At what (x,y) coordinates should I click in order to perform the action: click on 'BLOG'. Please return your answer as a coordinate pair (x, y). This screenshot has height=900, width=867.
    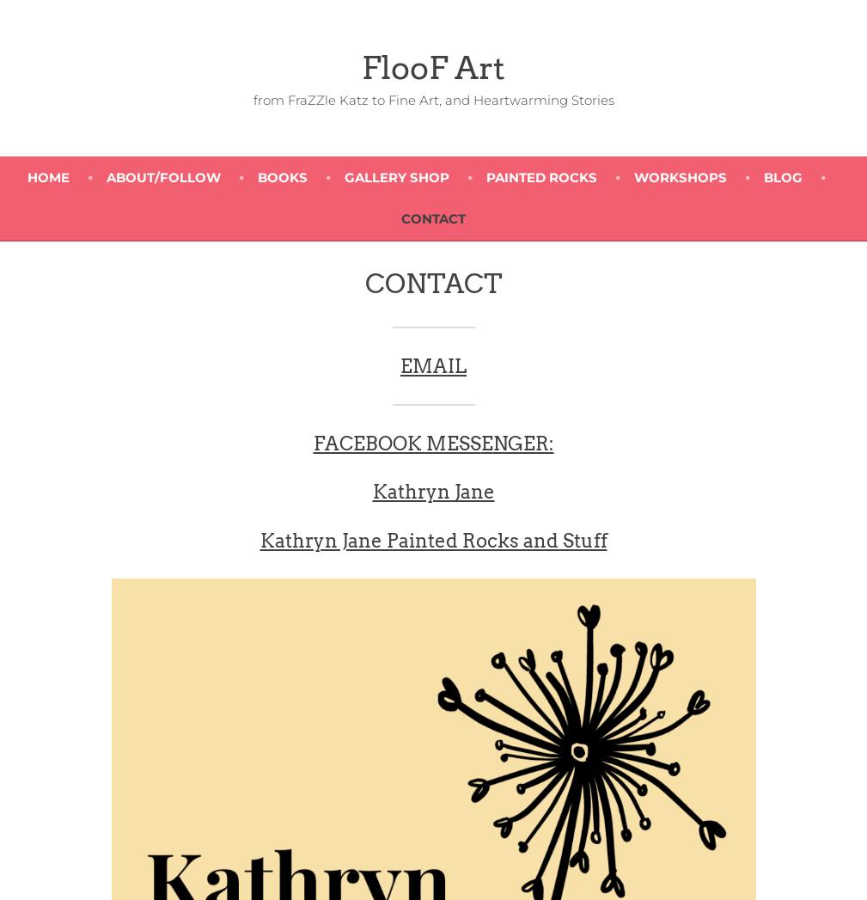
    Looking at the image, I should click on (764, 175).